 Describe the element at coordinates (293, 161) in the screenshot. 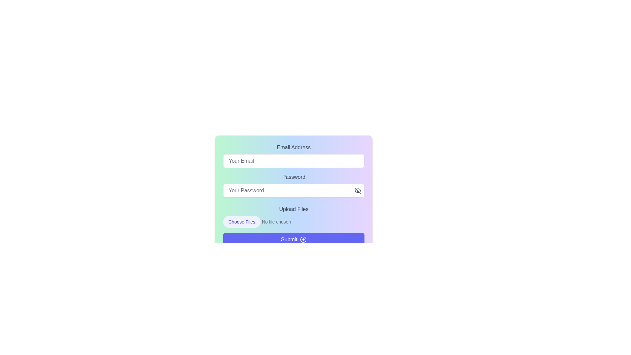

I see `the input field labeled 'Your Email' to focus on it` at that location.